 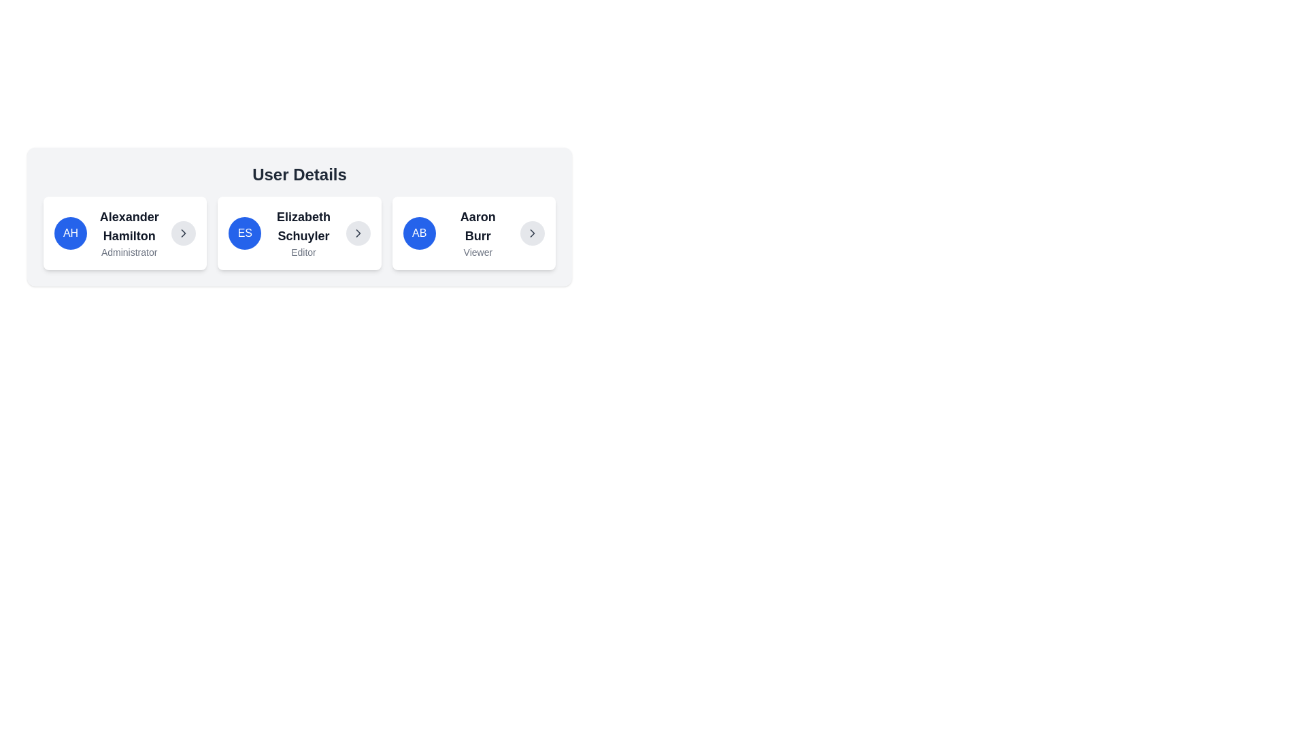 What do you see at coordinates (129, 252) in the screenshot?
I see `the Text Label that provides the role description (Administrator) for the user named 'Alexander Hamilton', located directly below the user's name in the user detail box` at bounding box center [129, 252].